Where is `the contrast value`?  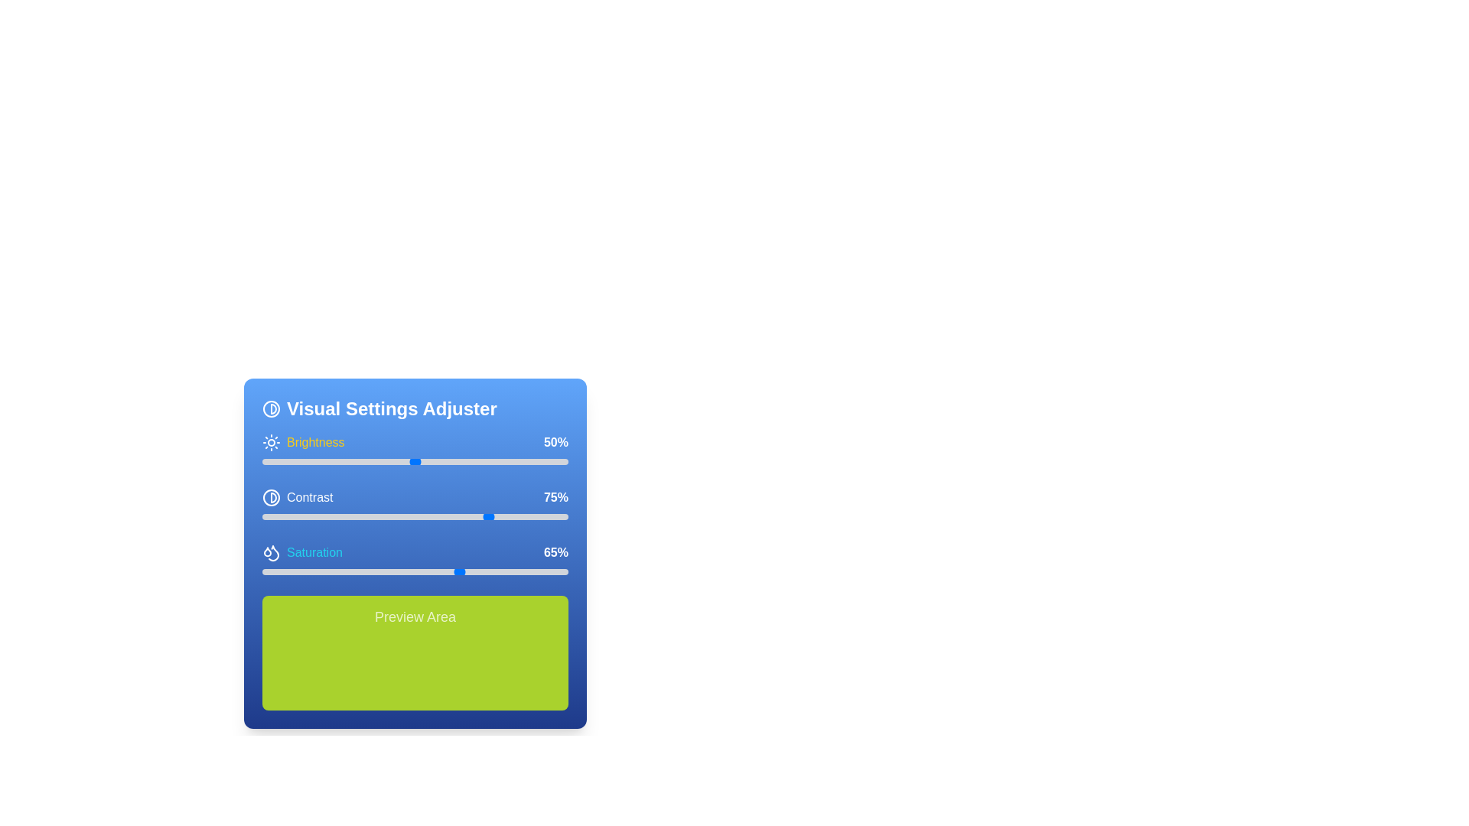
the contrast value is located at coordinates (314, 516).